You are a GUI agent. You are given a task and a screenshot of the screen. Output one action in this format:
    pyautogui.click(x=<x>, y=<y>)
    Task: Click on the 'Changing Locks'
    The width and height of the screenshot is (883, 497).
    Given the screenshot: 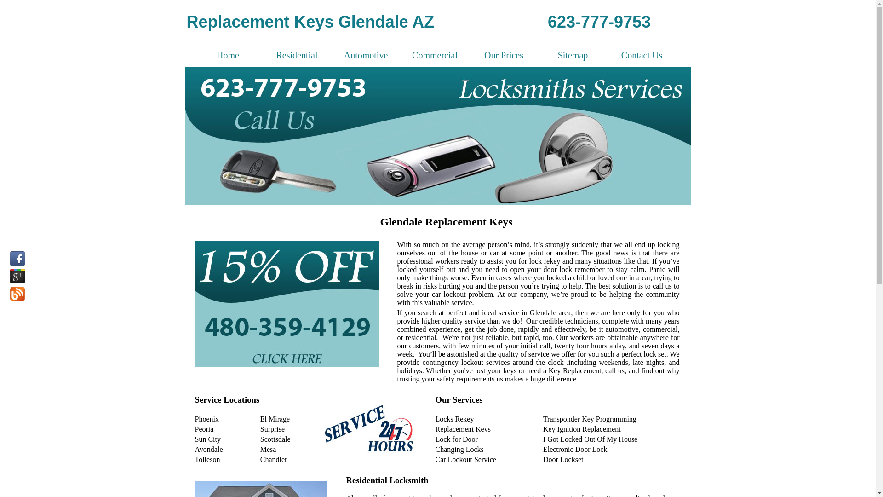 What is the action you would take?
    pyautogui.click(x=434, y=449)
    